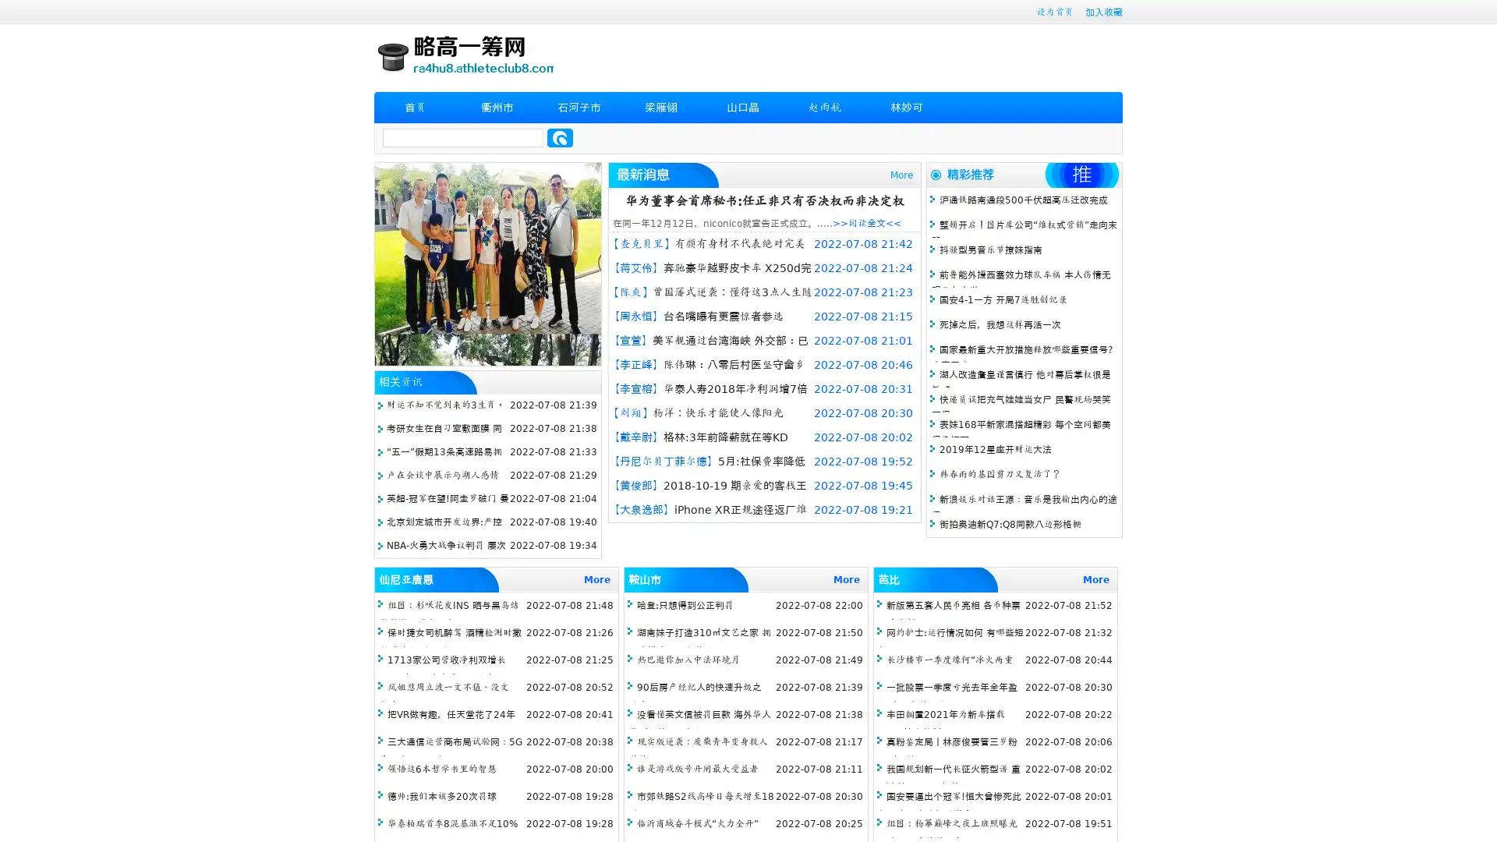 The height and width of the screenshot is (842, 1497). What do you see at coordinates (560, 137) in the screenshot?
I see `Search` at bounding box center [560, 137].